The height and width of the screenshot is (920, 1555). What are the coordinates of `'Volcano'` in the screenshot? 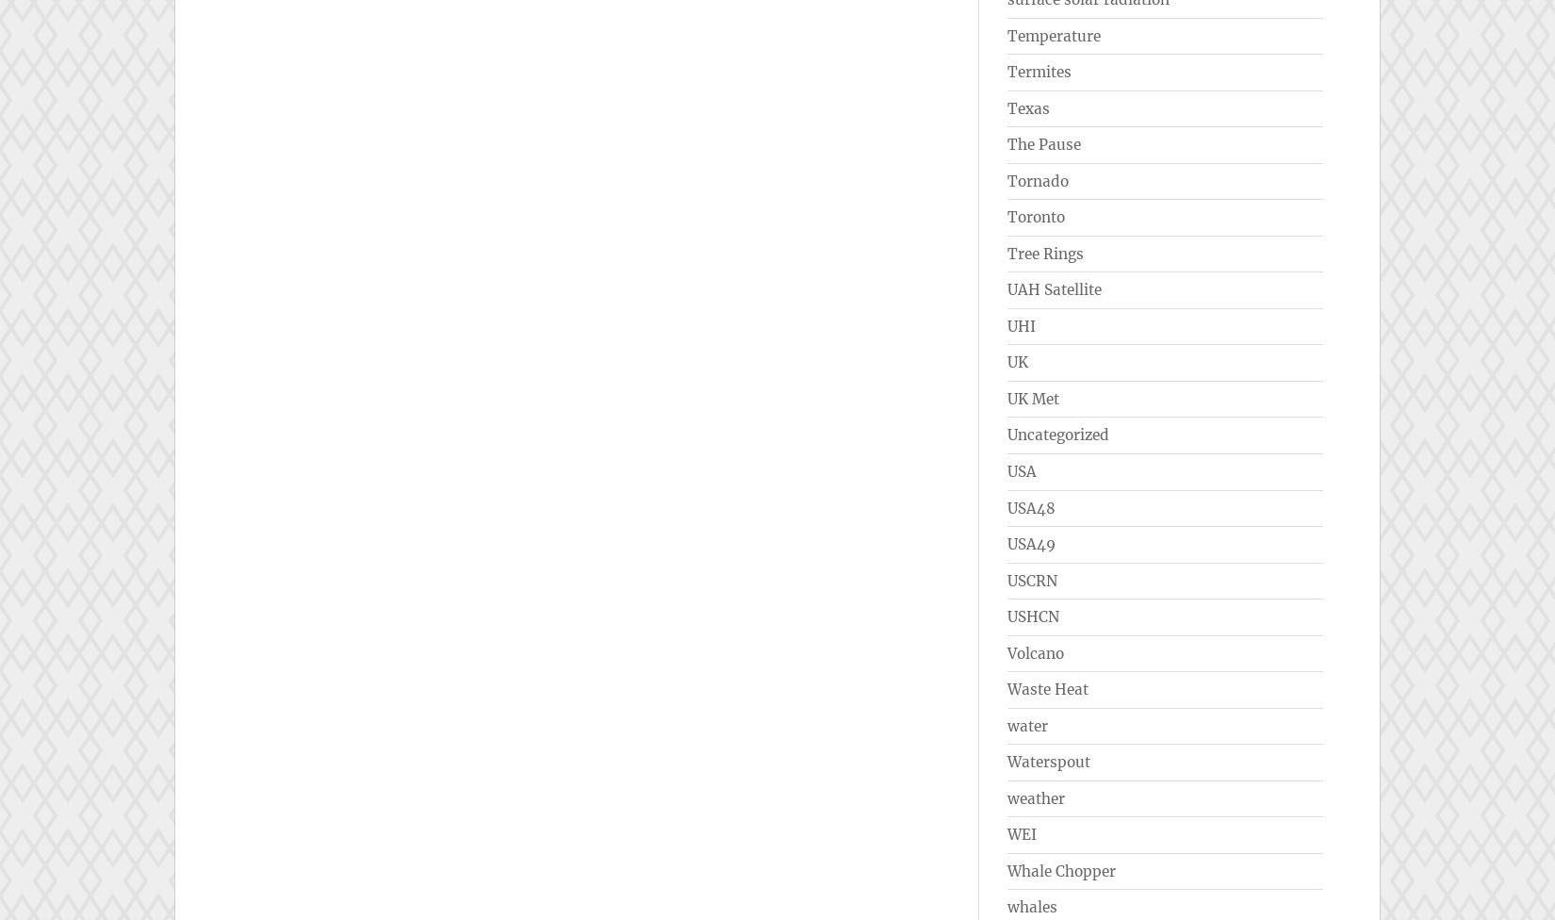 It's located at (1036, 651).